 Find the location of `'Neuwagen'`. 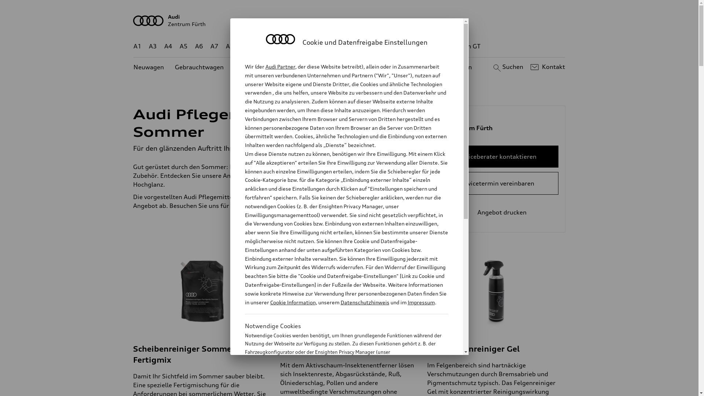

'Neuwagen' is located at coordinates (148, 67).